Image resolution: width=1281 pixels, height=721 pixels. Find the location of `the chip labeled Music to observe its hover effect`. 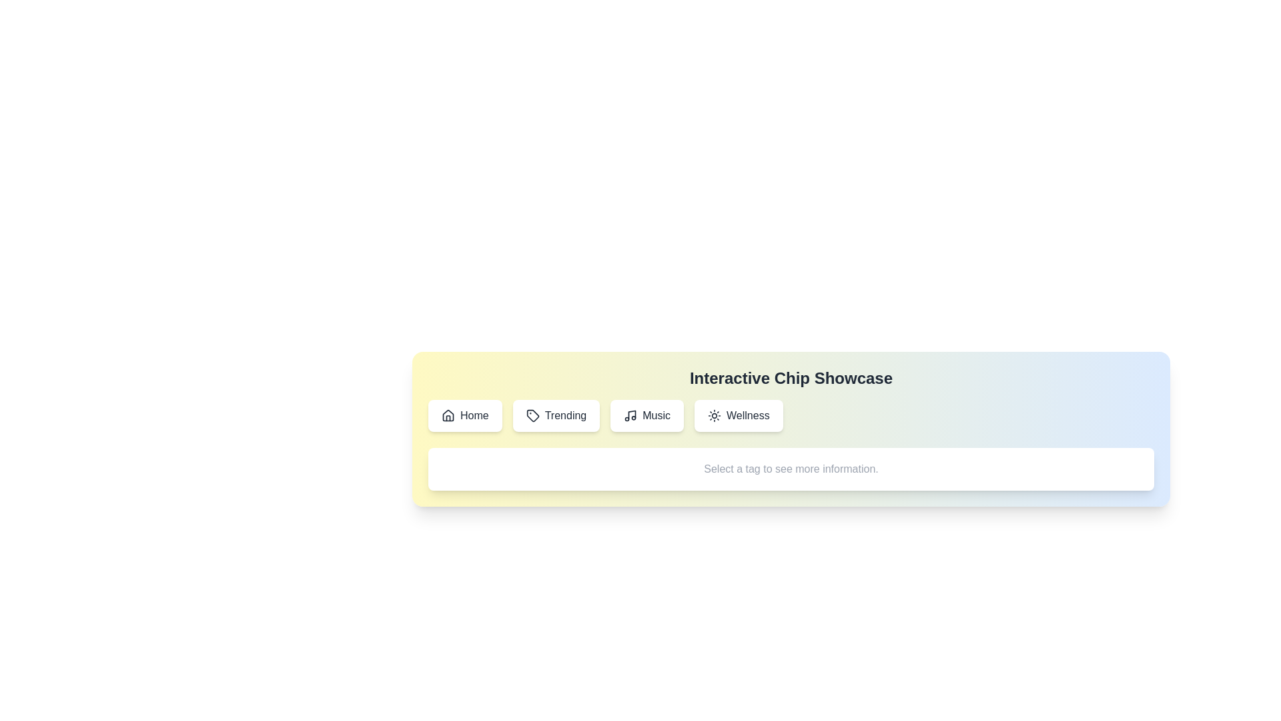

the chip labeled Music to observe its hover effect is located at coordinates (647, 415).